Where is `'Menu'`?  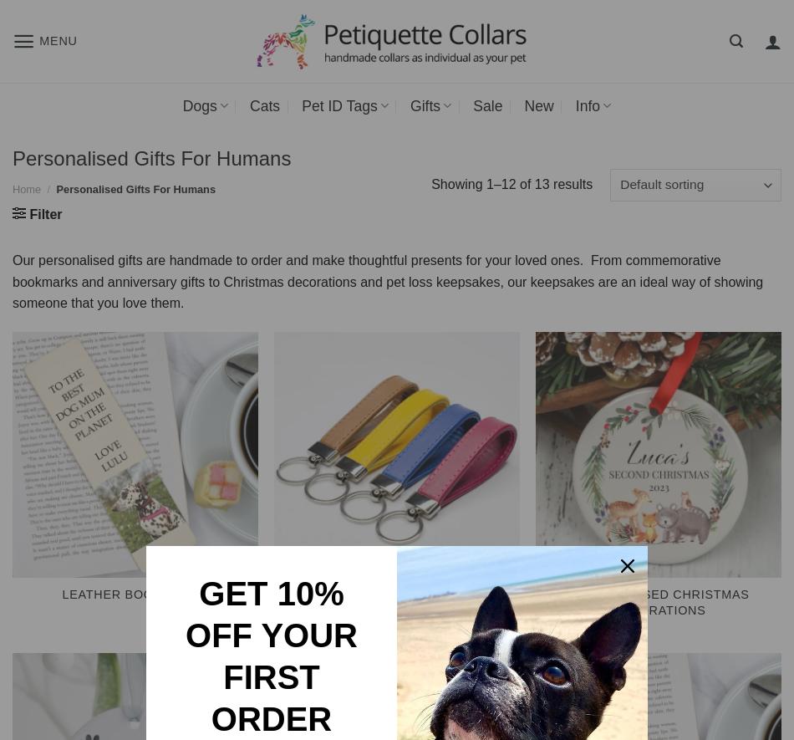
'Menu' is located at coordinates (58, 38).